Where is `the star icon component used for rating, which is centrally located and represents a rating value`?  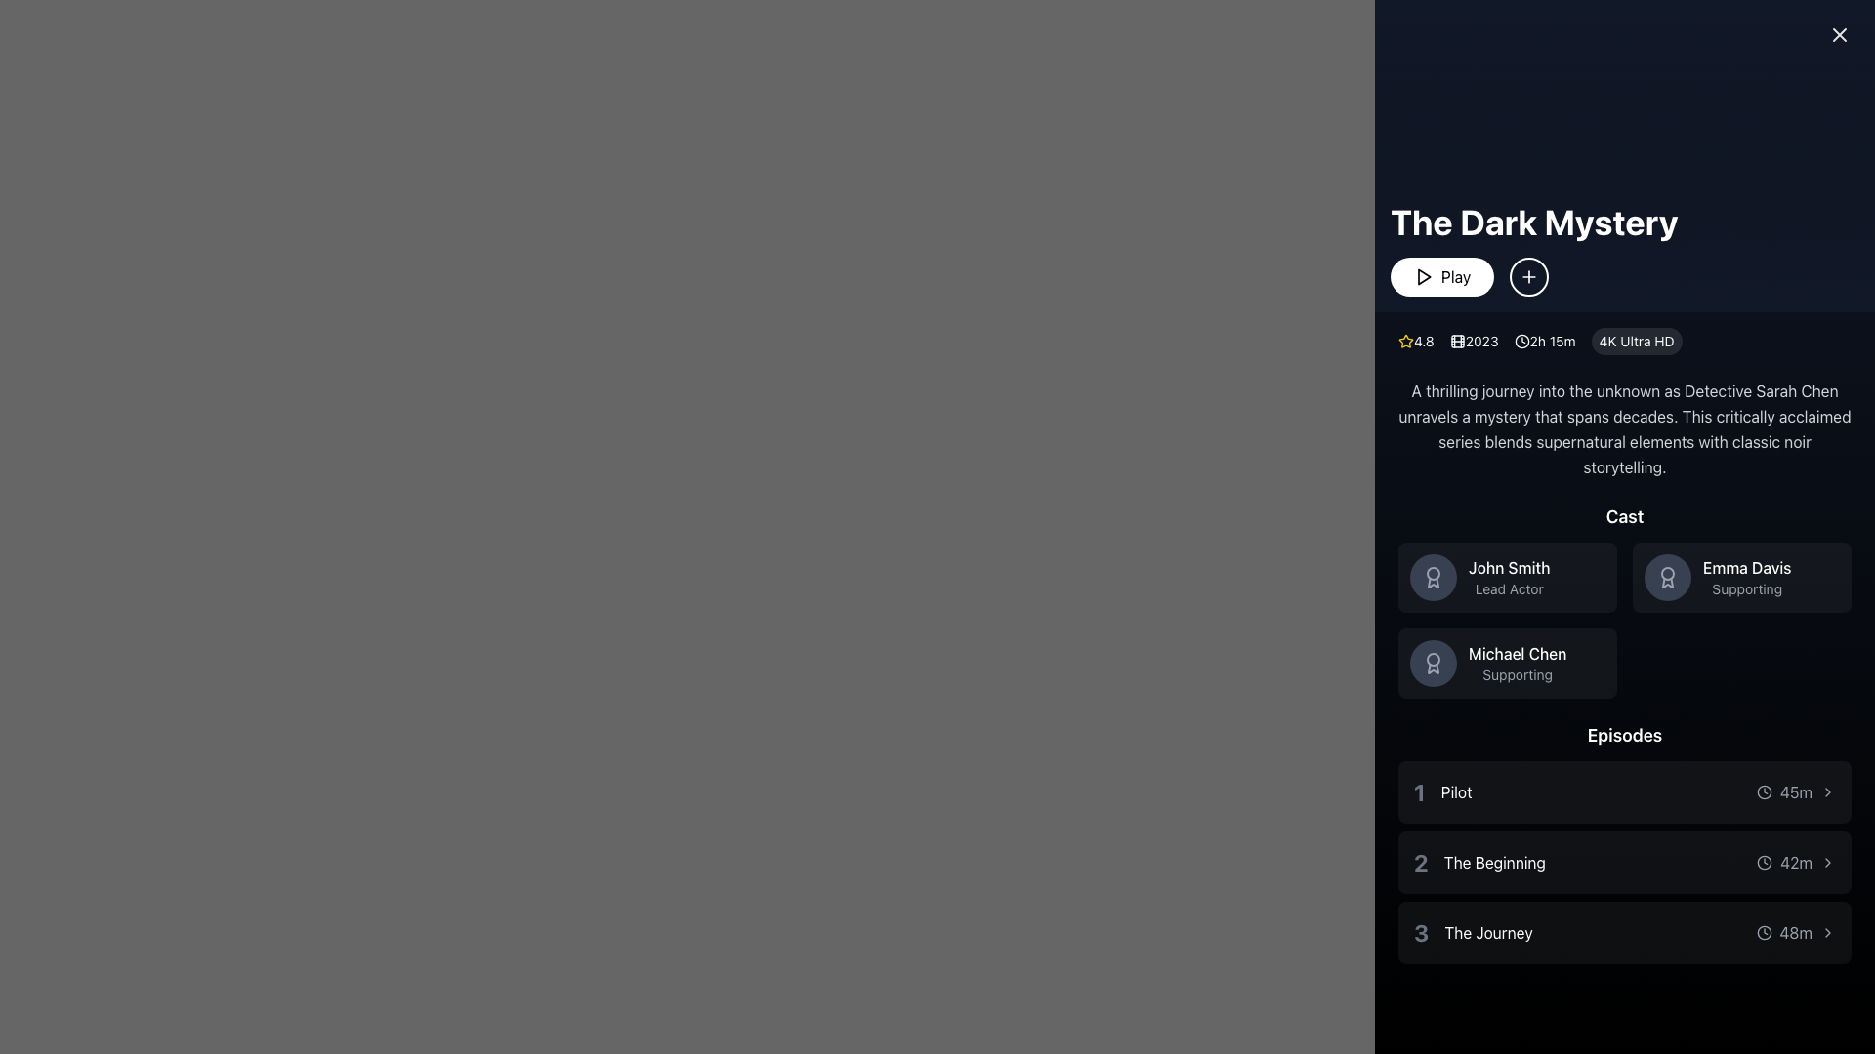 the star icon component used for rating, which is centrally located and represents a rating value is located at coordinates (1406, 340).